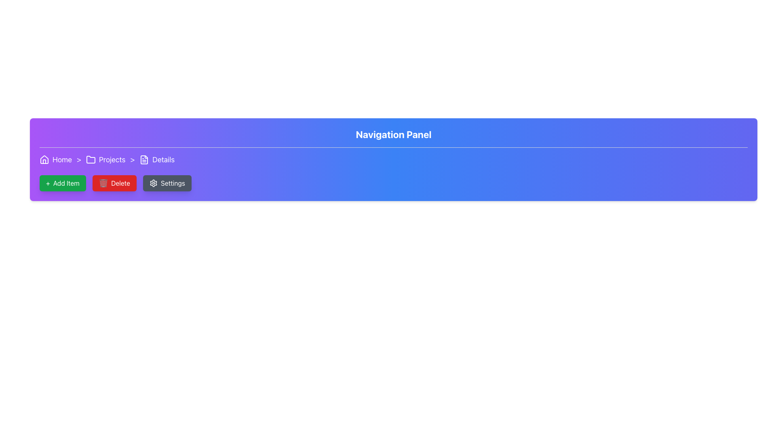 The image size is (776, 436). What do you see at coordinates (167, 183) in the screenshot?
I see `the 'Settings' button` at bounding box center [167, 183].